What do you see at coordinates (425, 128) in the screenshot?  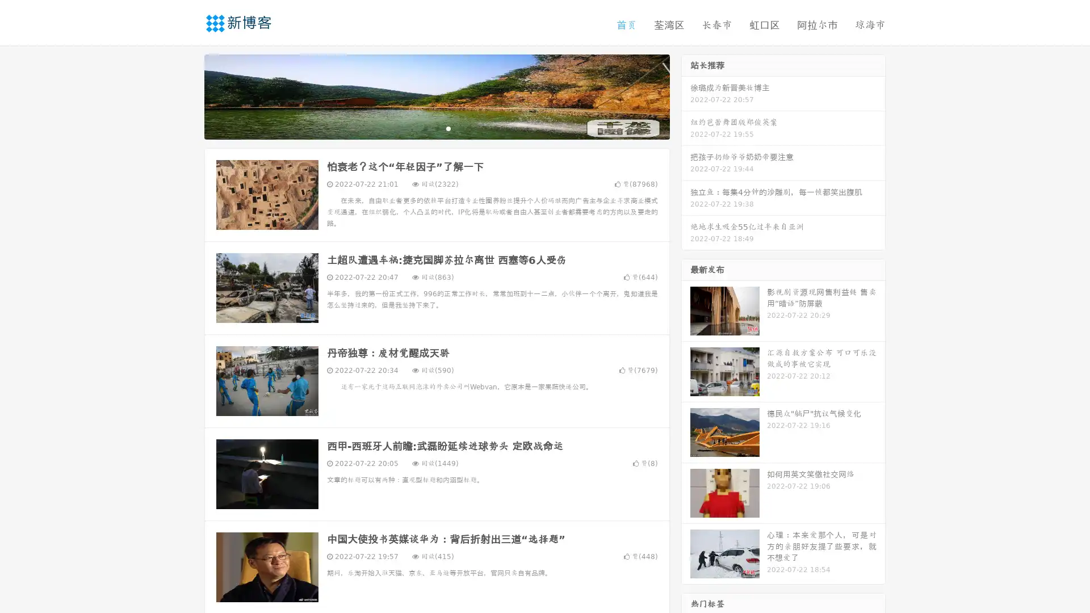 I see `Go to slide 1` at bounding box center [425, 128].